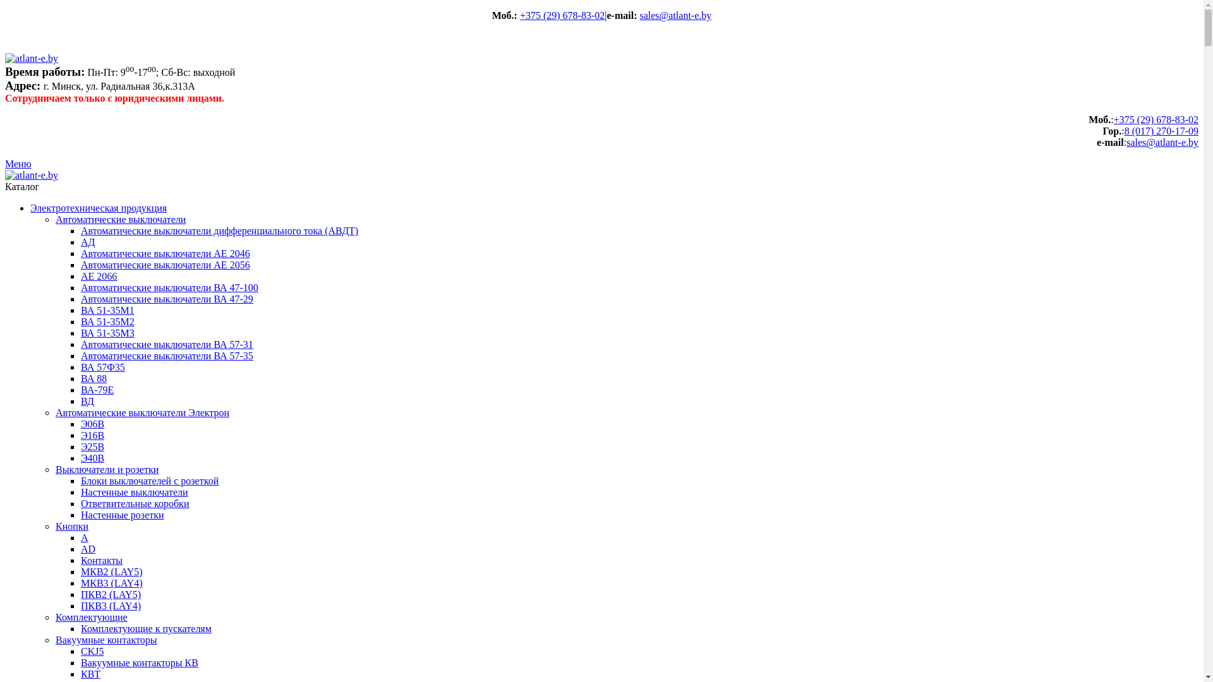  Describe the element at coordinates (1156, 119) in the screenshot. I see `'+375 (29) 678-83-02'` at that location.